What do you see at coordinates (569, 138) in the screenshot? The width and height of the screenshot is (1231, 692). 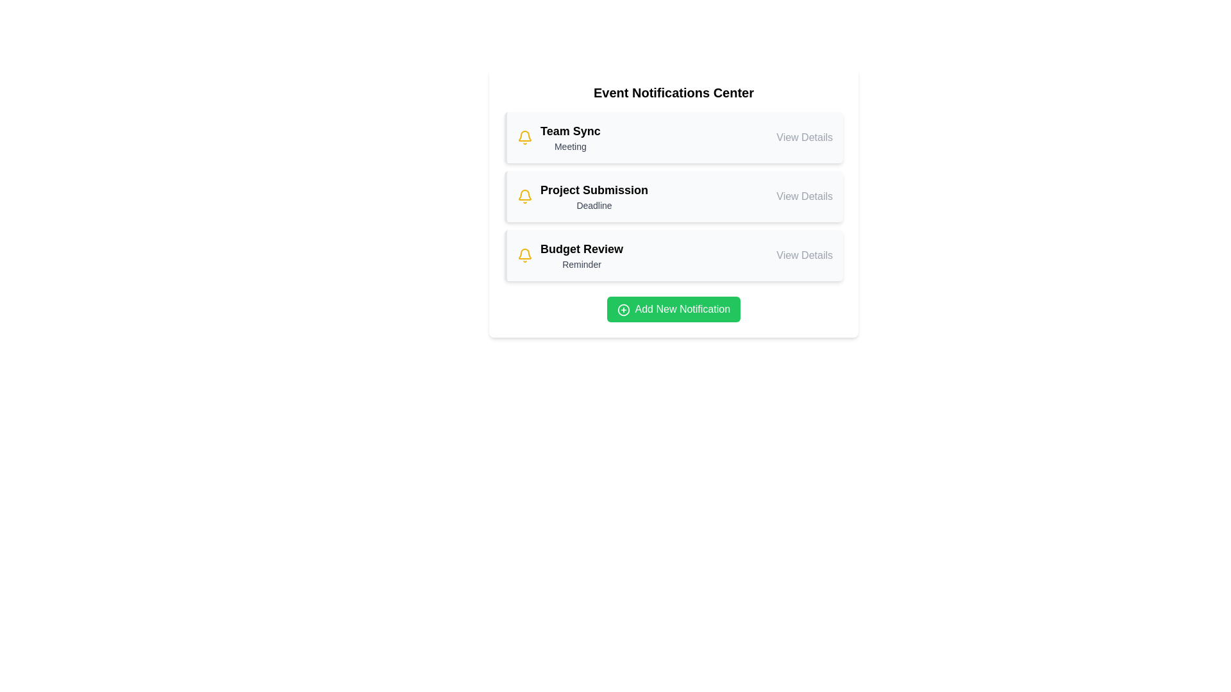 I see `the text block that displays the title 'Team Sync' and additional information 'Meeting', located within the first notification item under 'Event Notifications Center', to the right of the bell icon and above the 'View Details' button` at bounding box center [569, 138].